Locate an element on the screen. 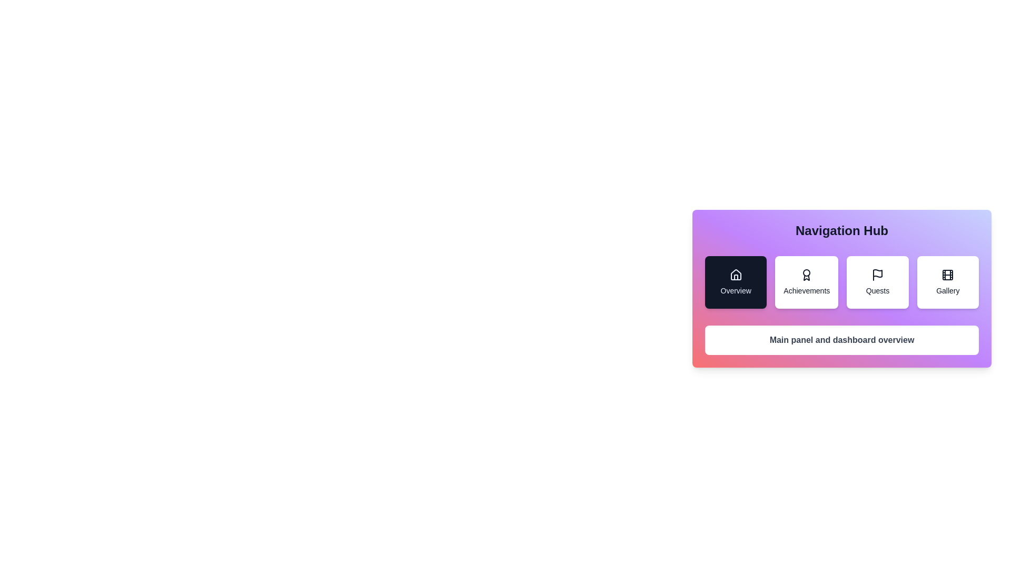 The width and height of the screenshot is (1011, 568). the text label reading 'Quests' located at the bottom center of the third card in a horizontal row of four cards in the navigation hub interface is located at coordinates (877, 290).